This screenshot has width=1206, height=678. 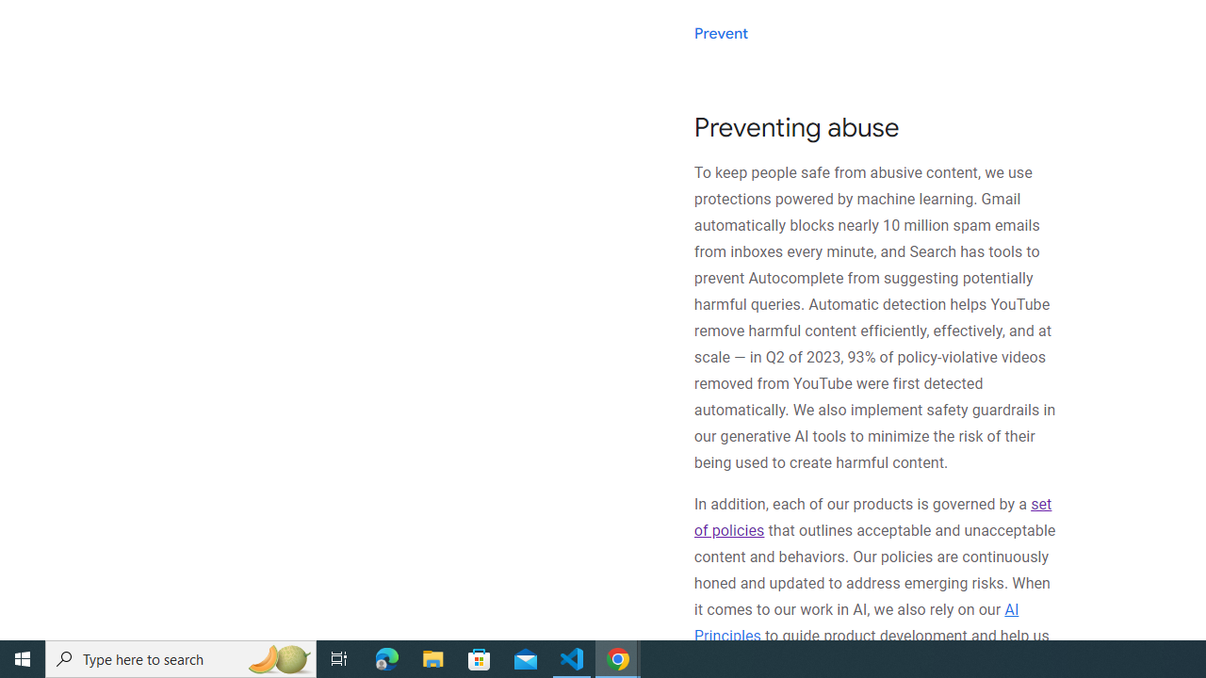 I want to click on 'Microsoft Edge', so click(x=386, y=657).